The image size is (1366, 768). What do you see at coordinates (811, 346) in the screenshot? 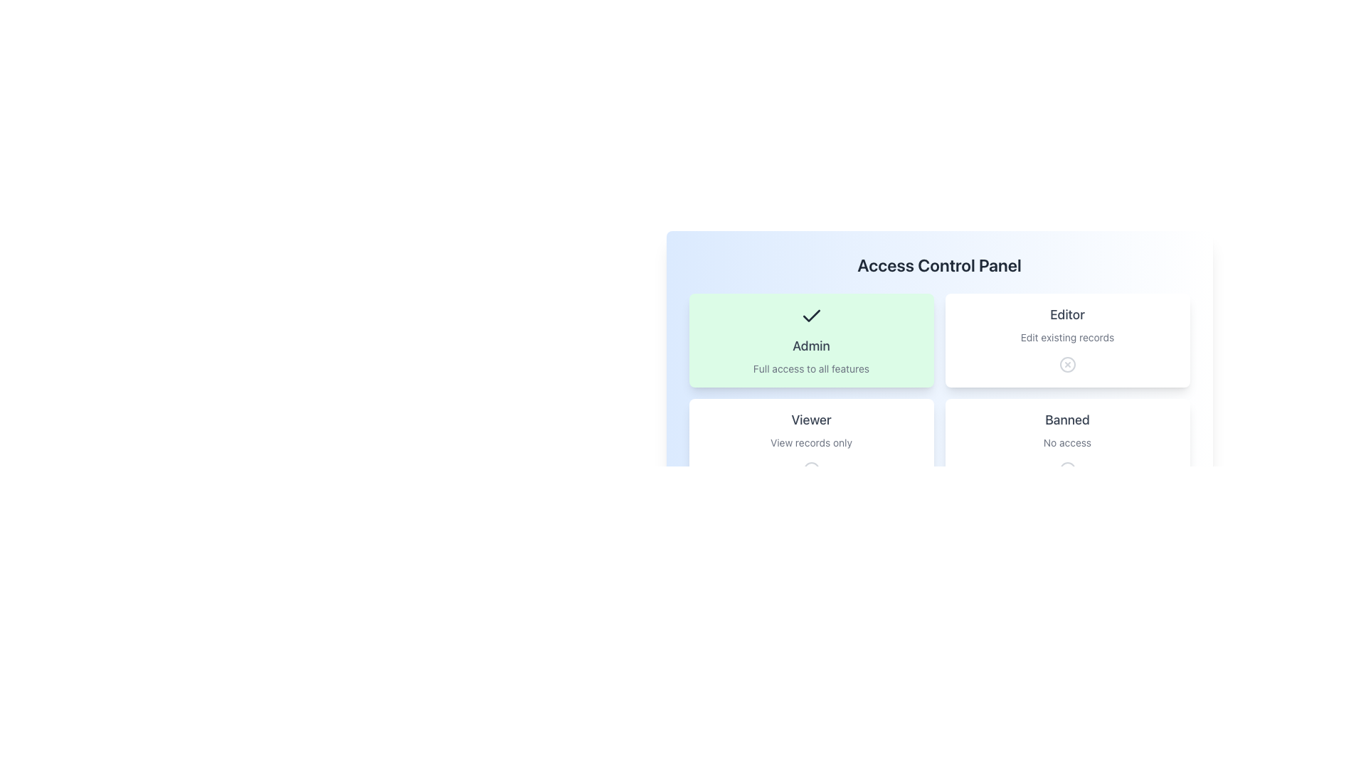
I see `text label displaying 'Admin' which is centrally positioned in the green rectangular card representing the 'Admin' role` at bounding box center [811, 346].